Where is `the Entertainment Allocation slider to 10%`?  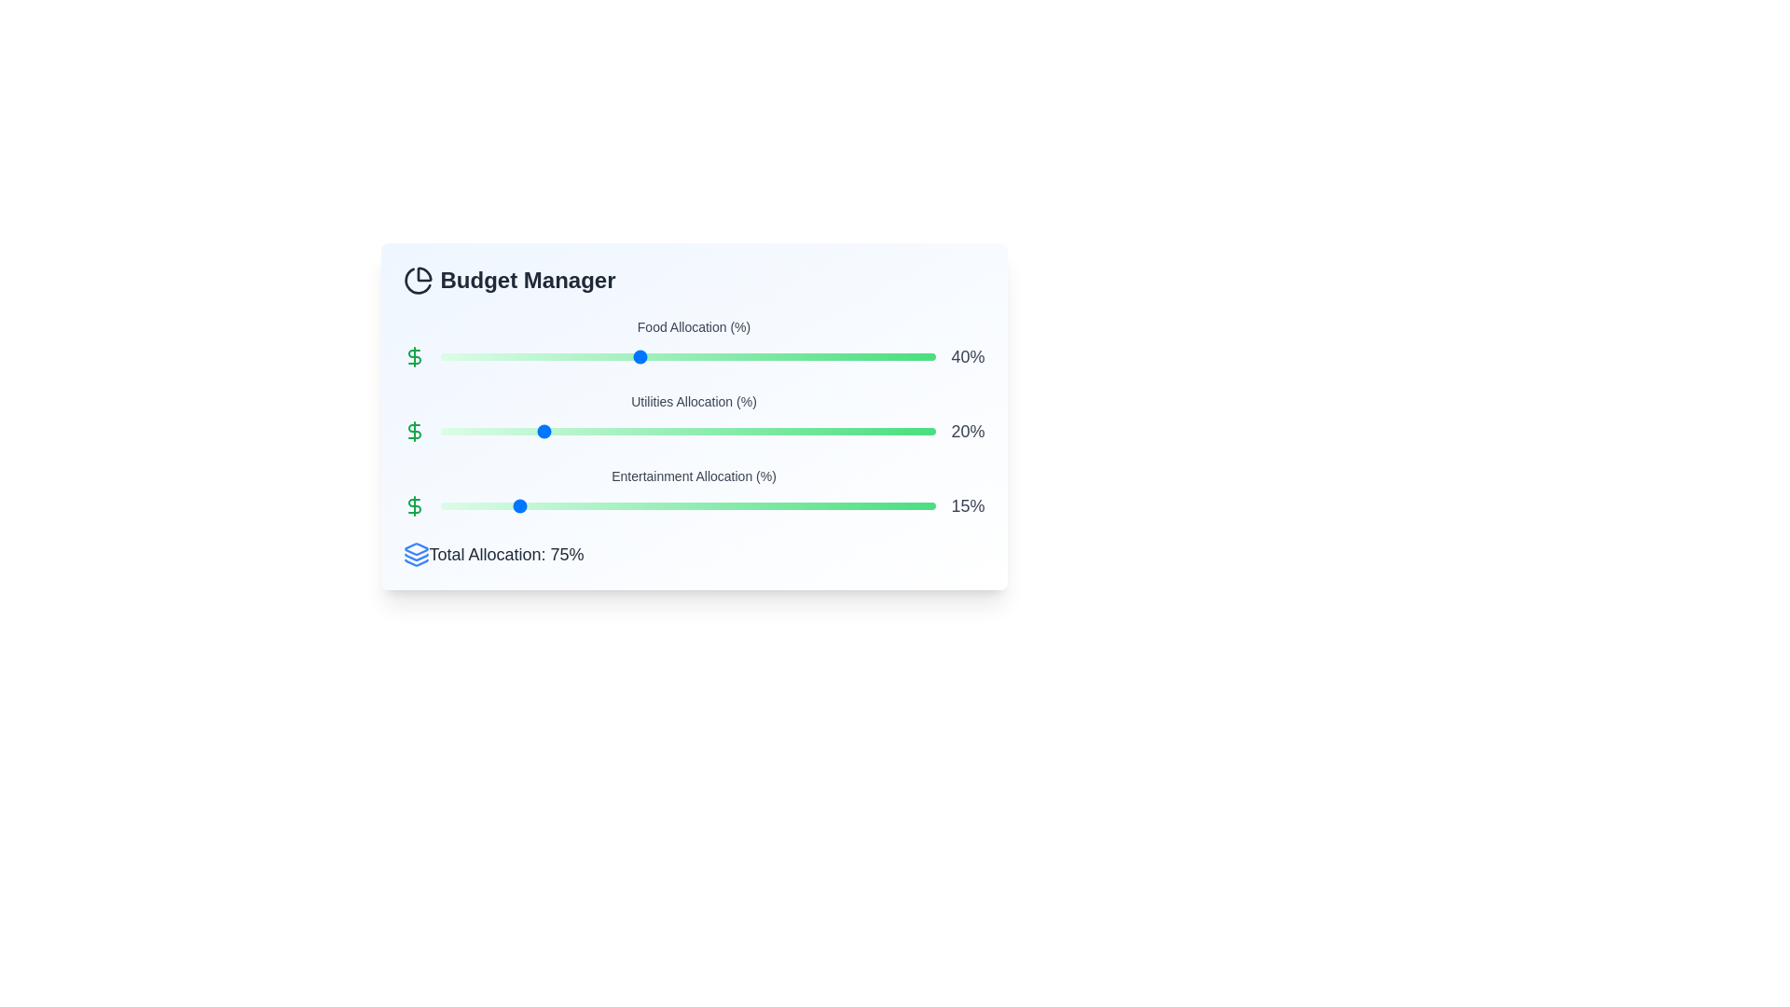
the Entertainment Allocation slider to 10% is located at coordinates (489, 506).